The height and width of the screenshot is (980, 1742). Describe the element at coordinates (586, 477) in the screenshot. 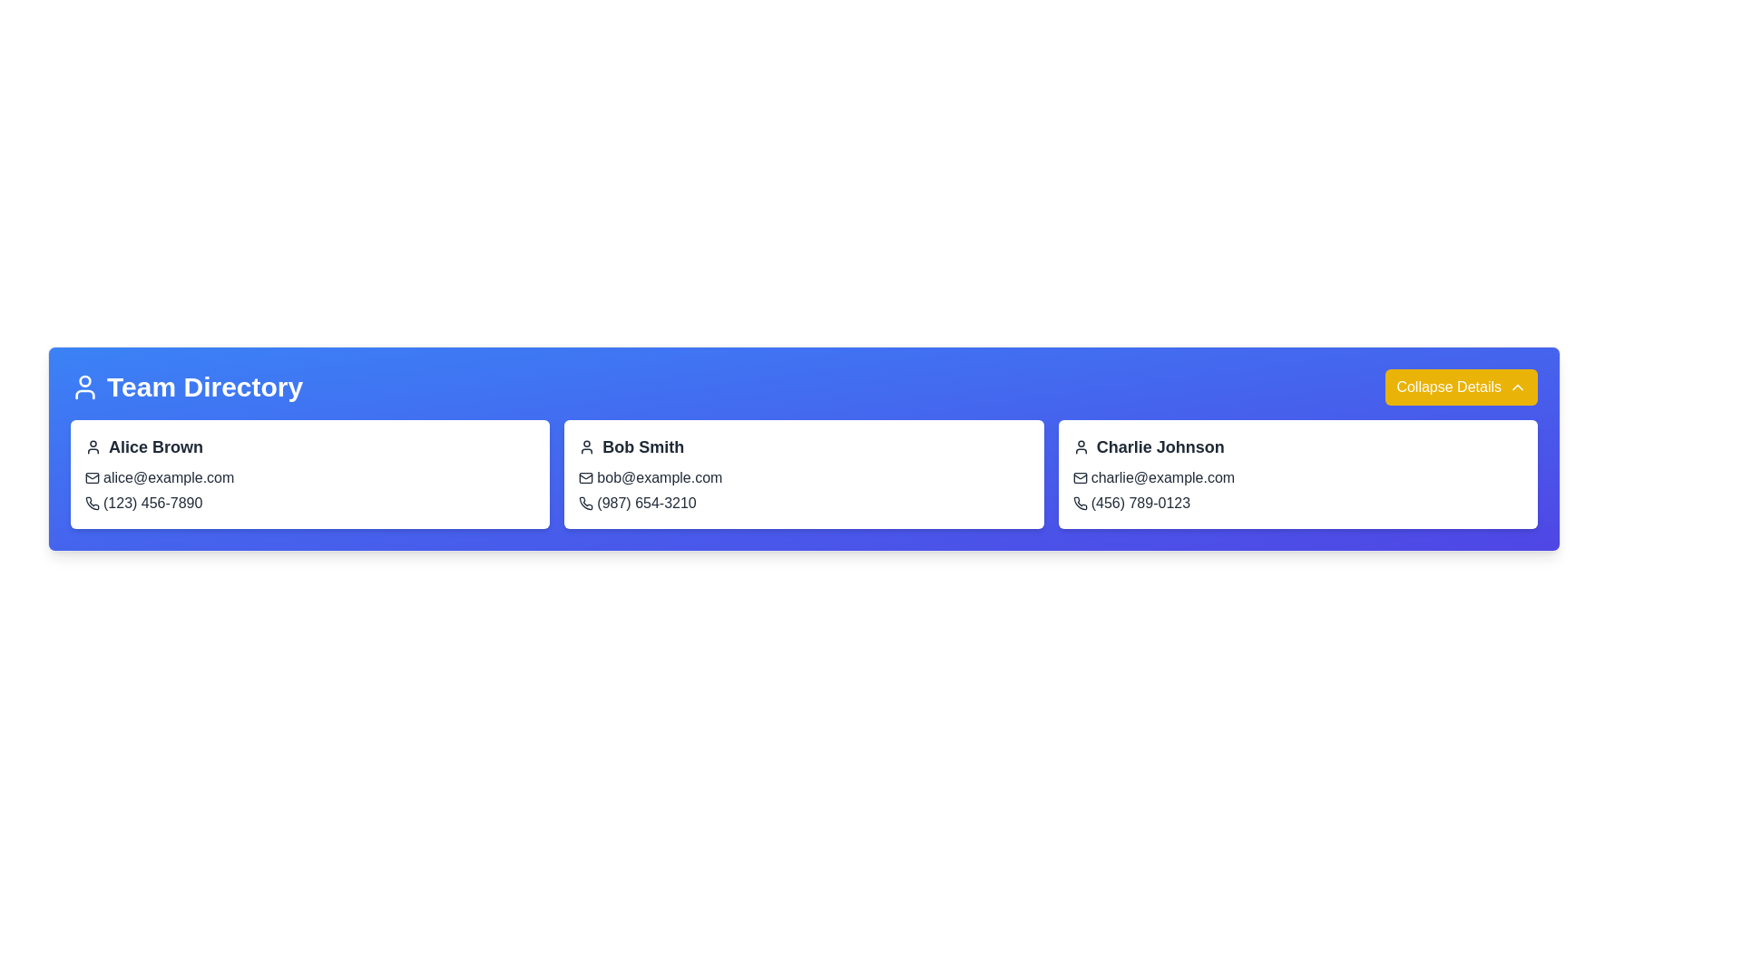

I see `the rectangular part of the envelope icon representing Bob Smith's contact details` at that location.